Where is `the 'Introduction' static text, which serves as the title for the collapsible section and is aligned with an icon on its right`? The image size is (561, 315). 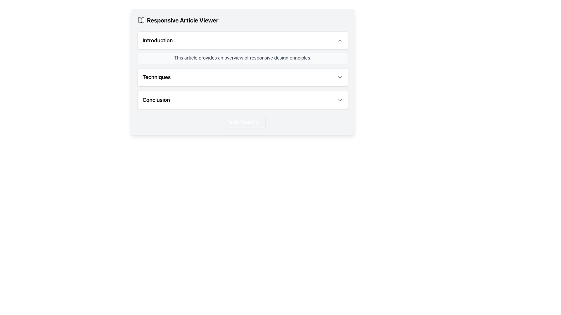 the 'Introduction' static text, which serves as the title for the collapsible section and is aligned with an icon on its right is located at coordinates (157, 40).